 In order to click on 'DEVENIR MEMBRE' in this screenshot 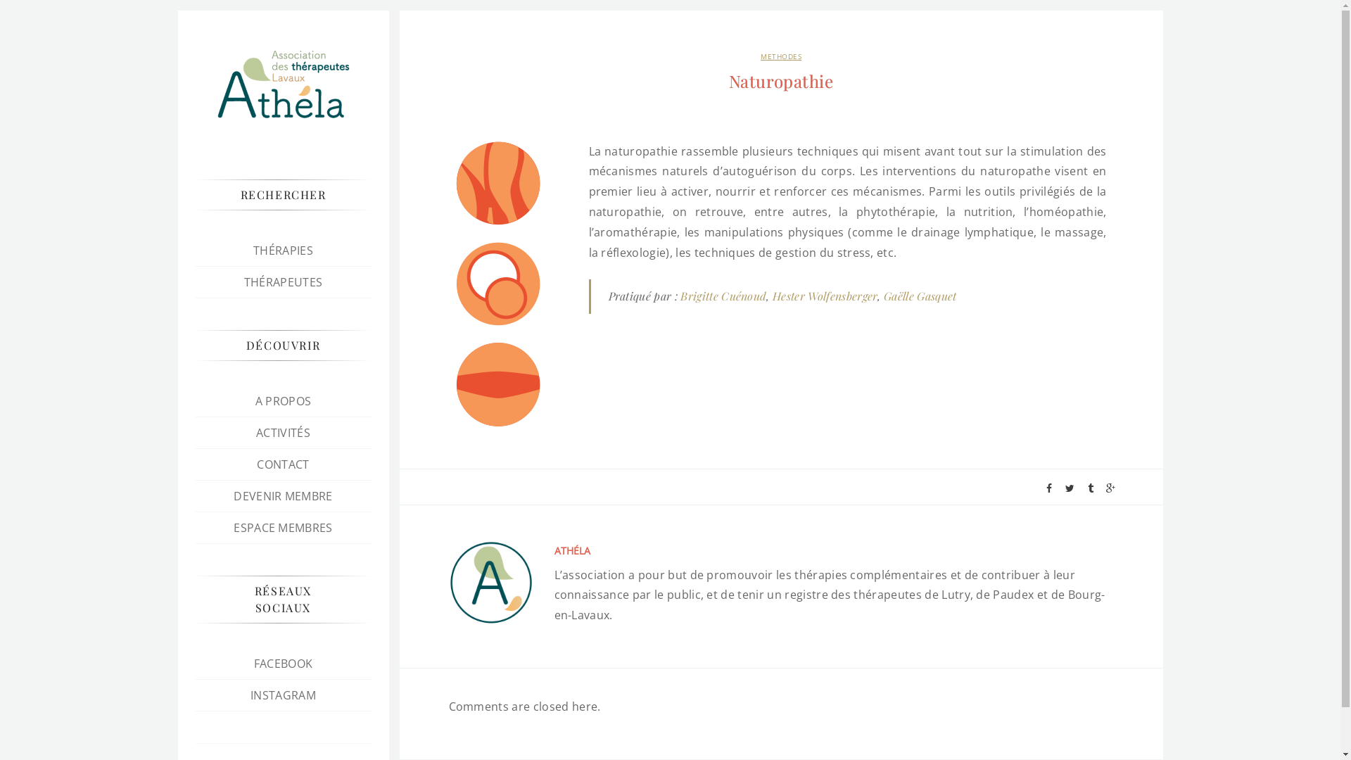, I will do `click(233, 495)`.